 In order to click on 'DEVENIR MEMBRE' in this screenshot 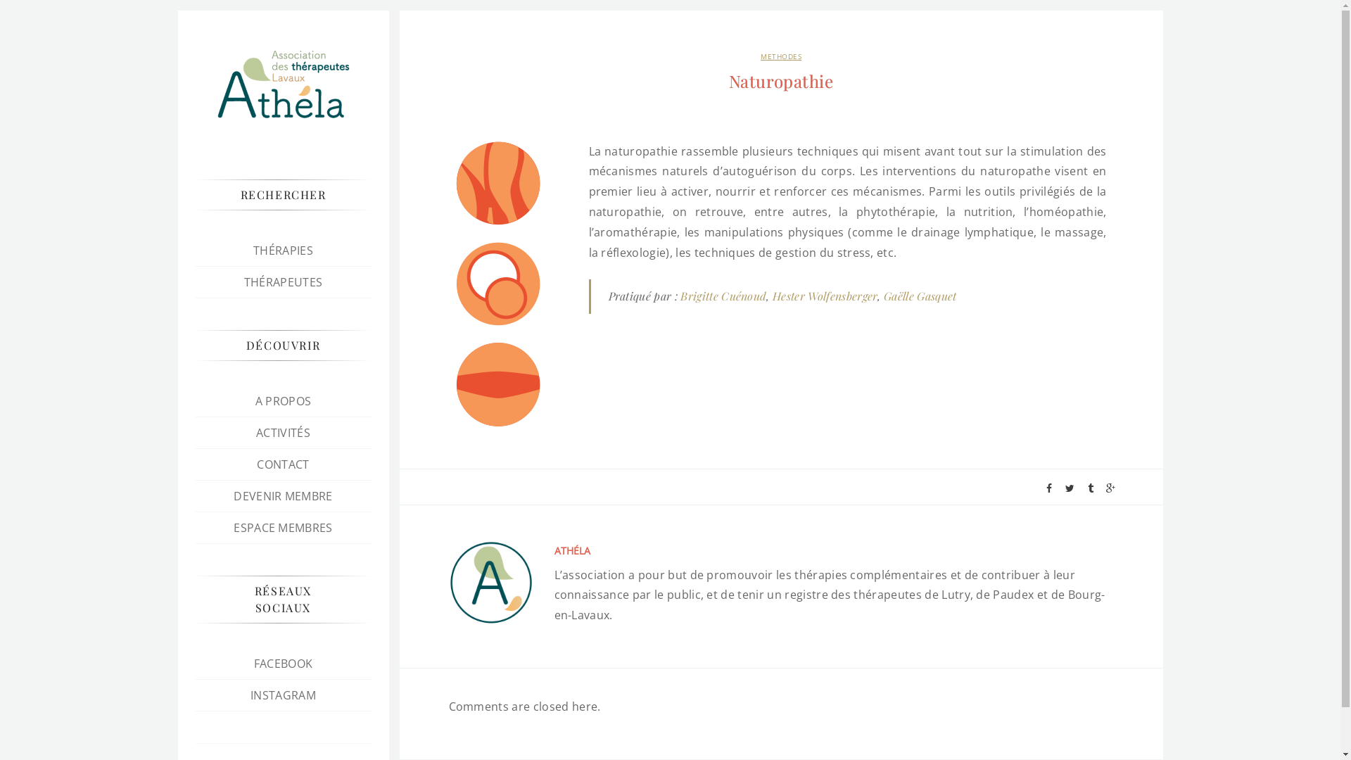, I will do `click(233, 495)`.